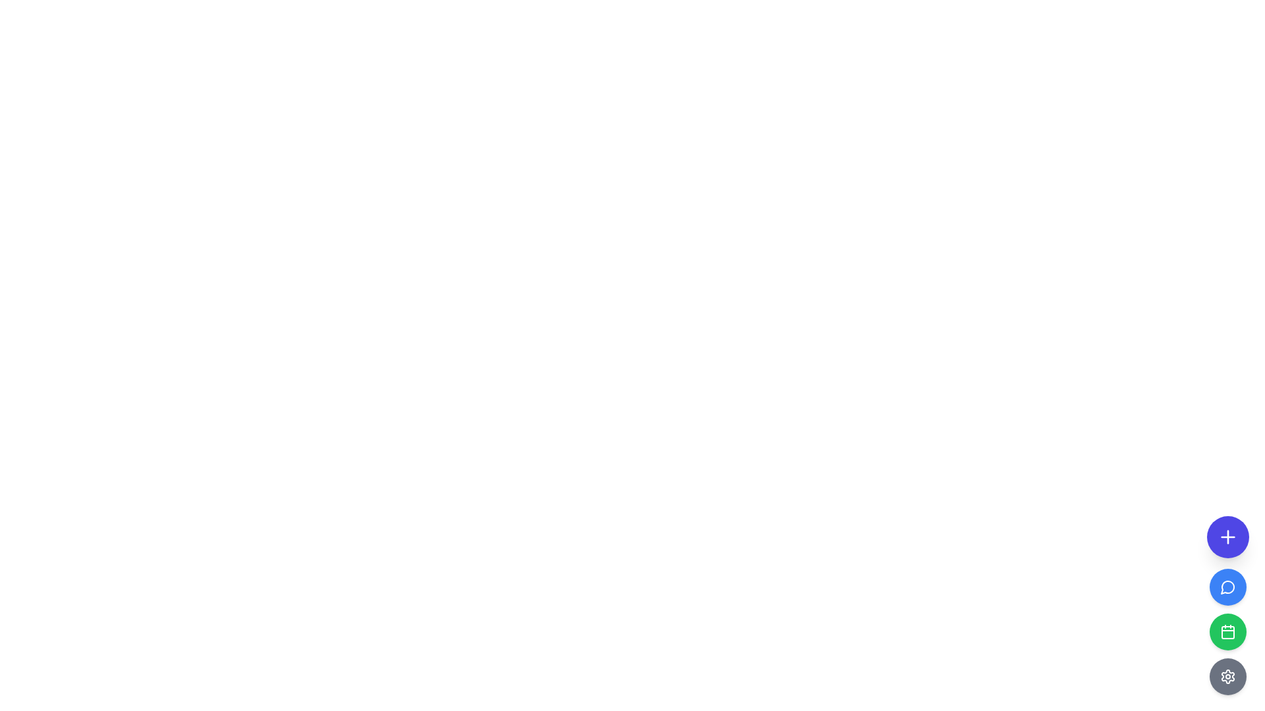 The image size is (1265, 711). I want to click on the second circular button from the top, so click(1227, 606).